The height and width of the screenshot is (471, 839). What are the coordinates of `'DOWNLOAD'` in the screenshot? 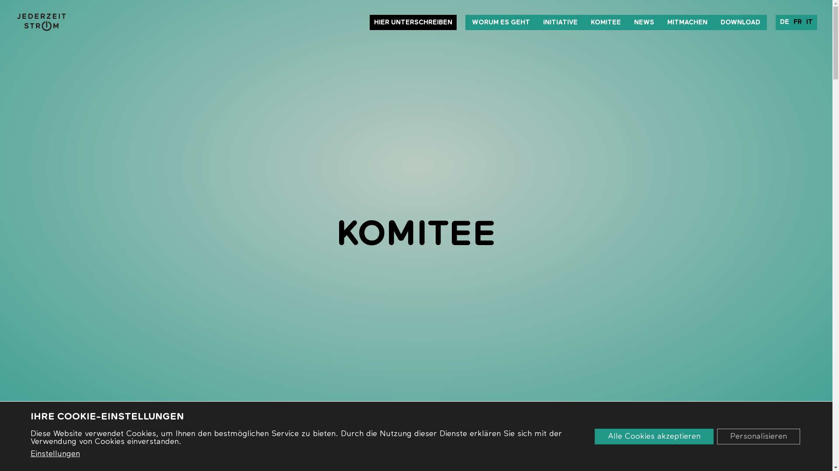 It's located at (740, 22).